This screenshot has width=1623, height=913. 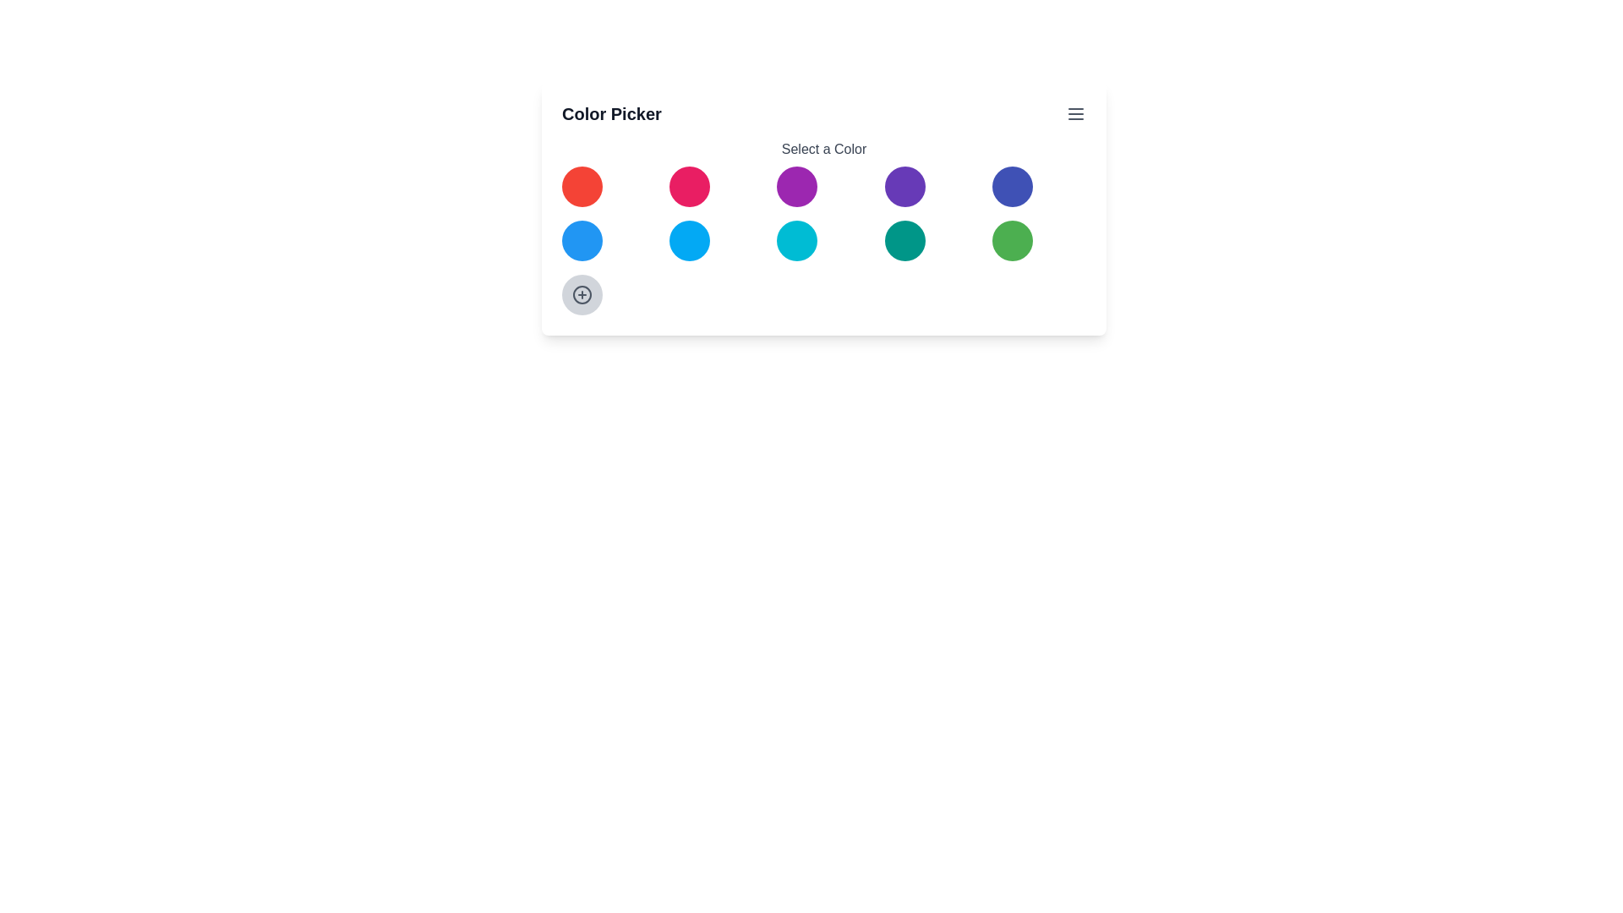 I want to click on the 'Color Picker' title by focusing on it, so click(x=610, y=114).